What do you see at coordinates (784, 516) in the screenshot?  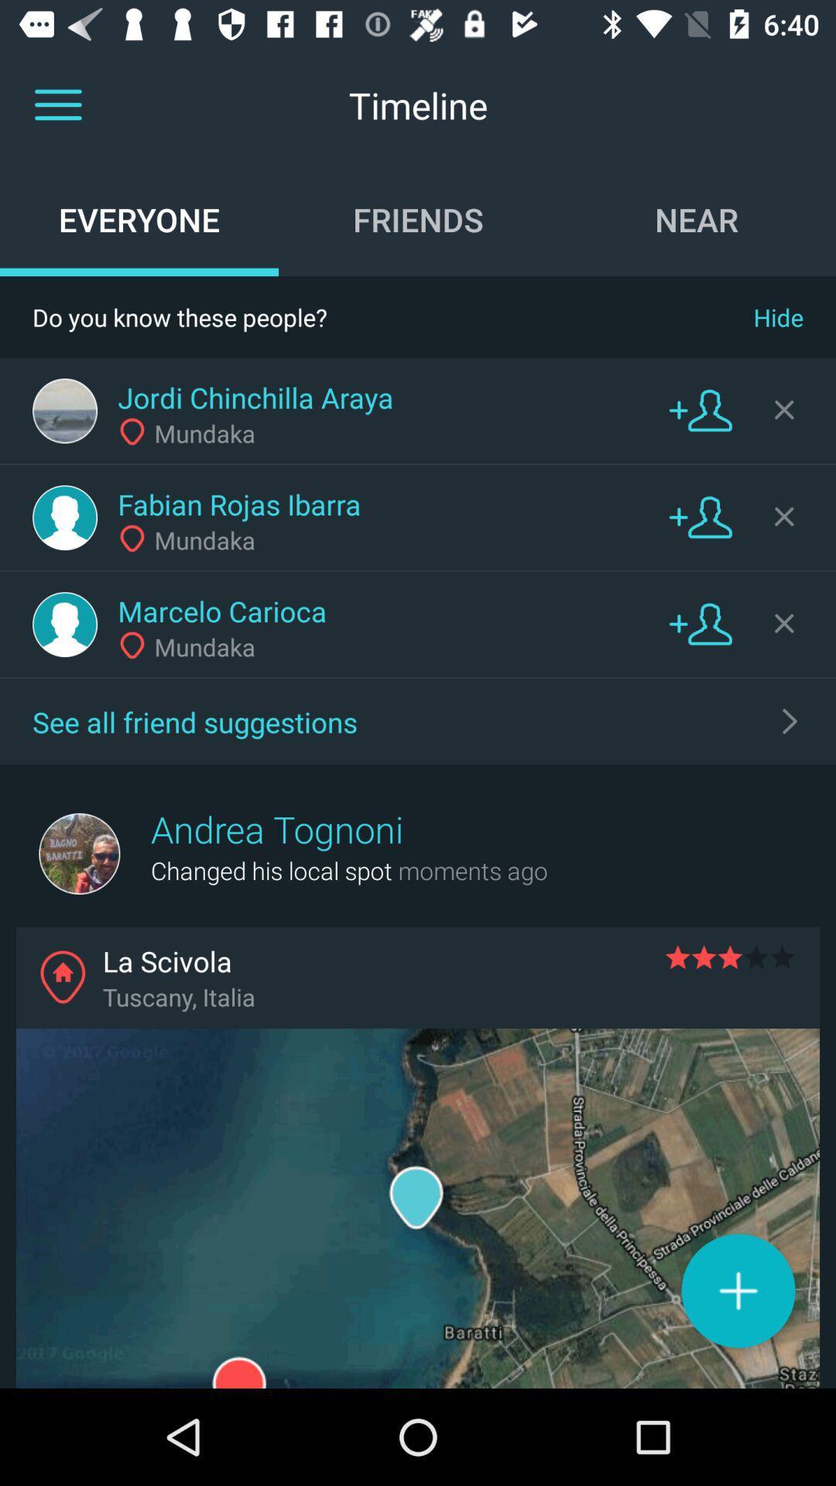 I see `hide person` at bounding box center [784, 516].